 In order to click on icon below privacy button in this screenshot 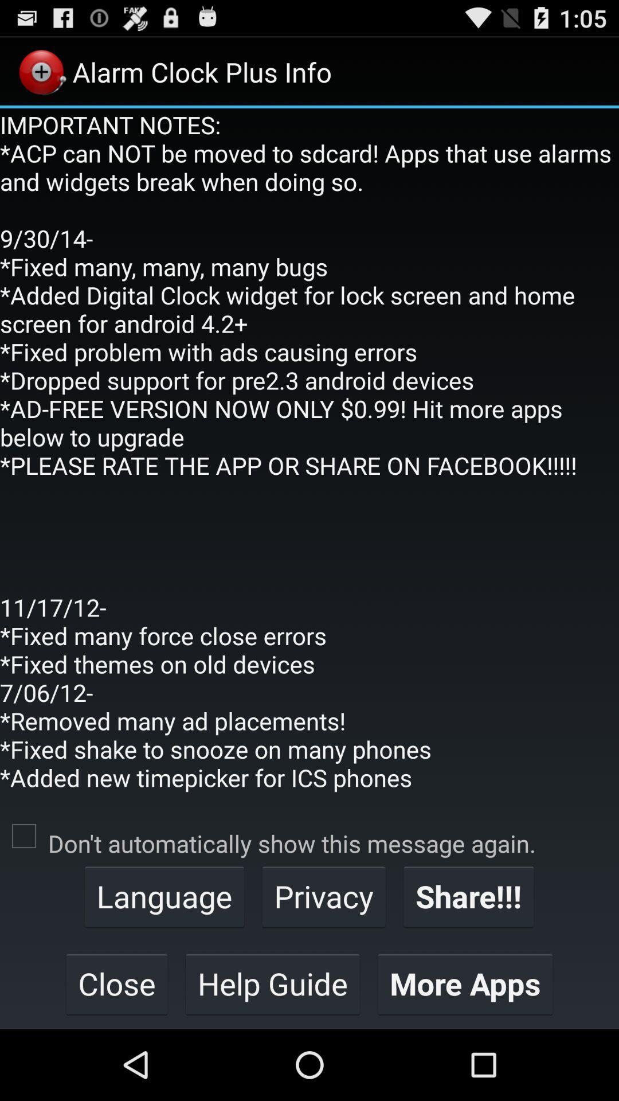, I will do `click(465, 983)`.